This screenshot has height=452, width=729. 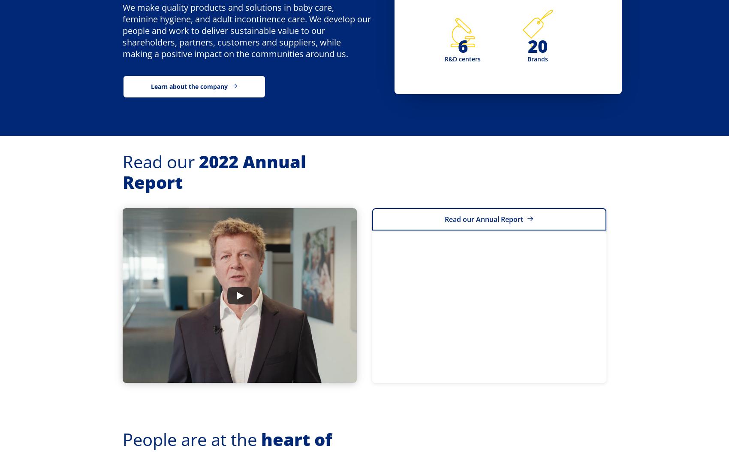 What do you see at coordinates (189, 86) in the screenshot?
I see `'Learn about the company'` at bounding box center [189, 86].